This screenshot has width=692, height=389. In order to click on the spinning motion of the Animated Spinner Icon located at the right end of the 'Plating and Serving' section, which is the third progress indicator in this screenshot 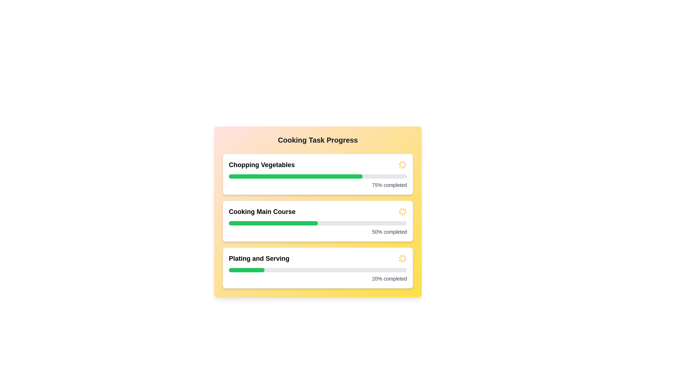, I will do `click(402, 258)`.